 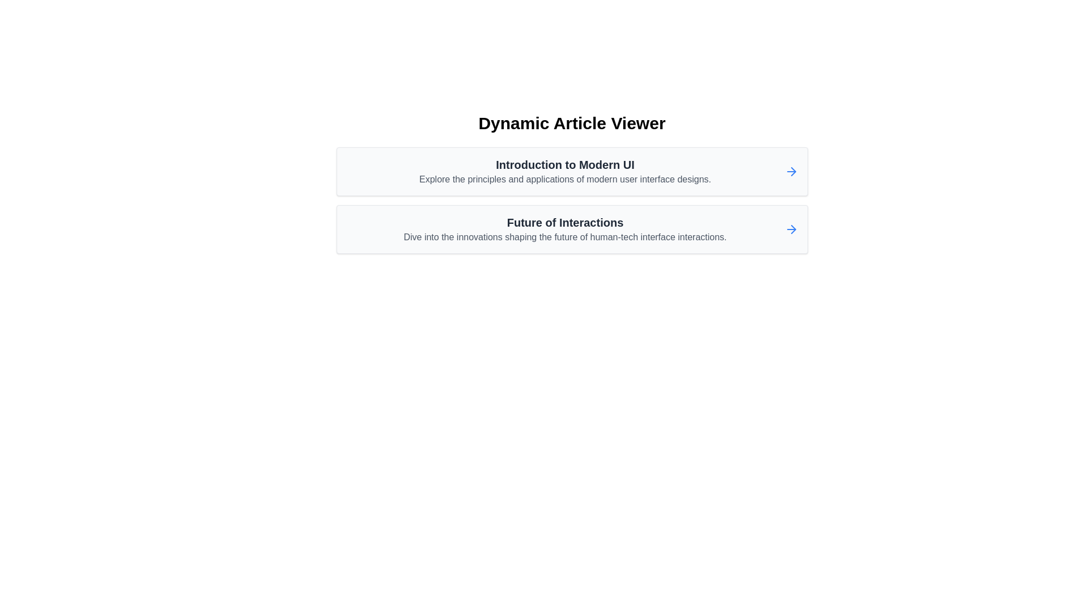 What do you see at coordinates (565, 229) in the screenshot?
I see `the Text group that contains the header 'Future of Interactions' and the description 'Dive into the innovations shaping the future of human-tech interface interactions.'` at bounding box center [565, 229].